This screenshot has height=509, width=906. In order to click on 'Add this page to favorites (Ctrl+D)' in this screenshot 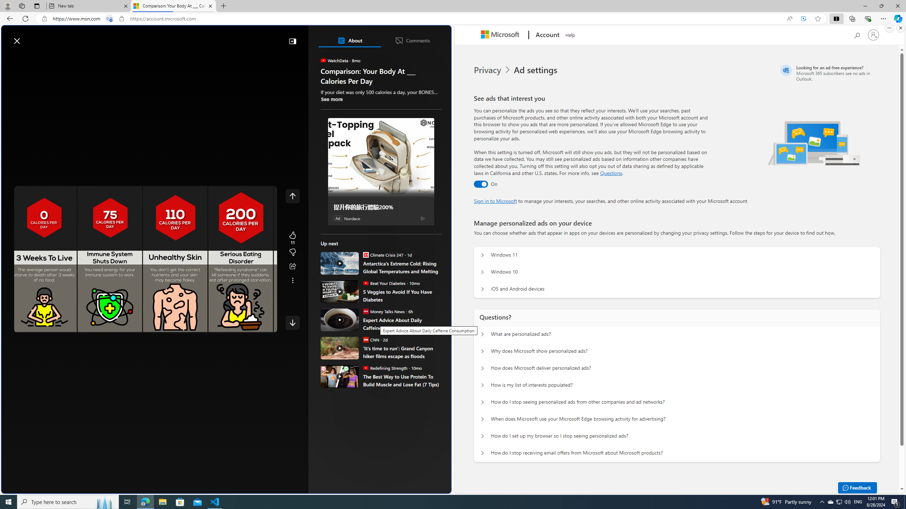, I will do `click(818, 19)`.